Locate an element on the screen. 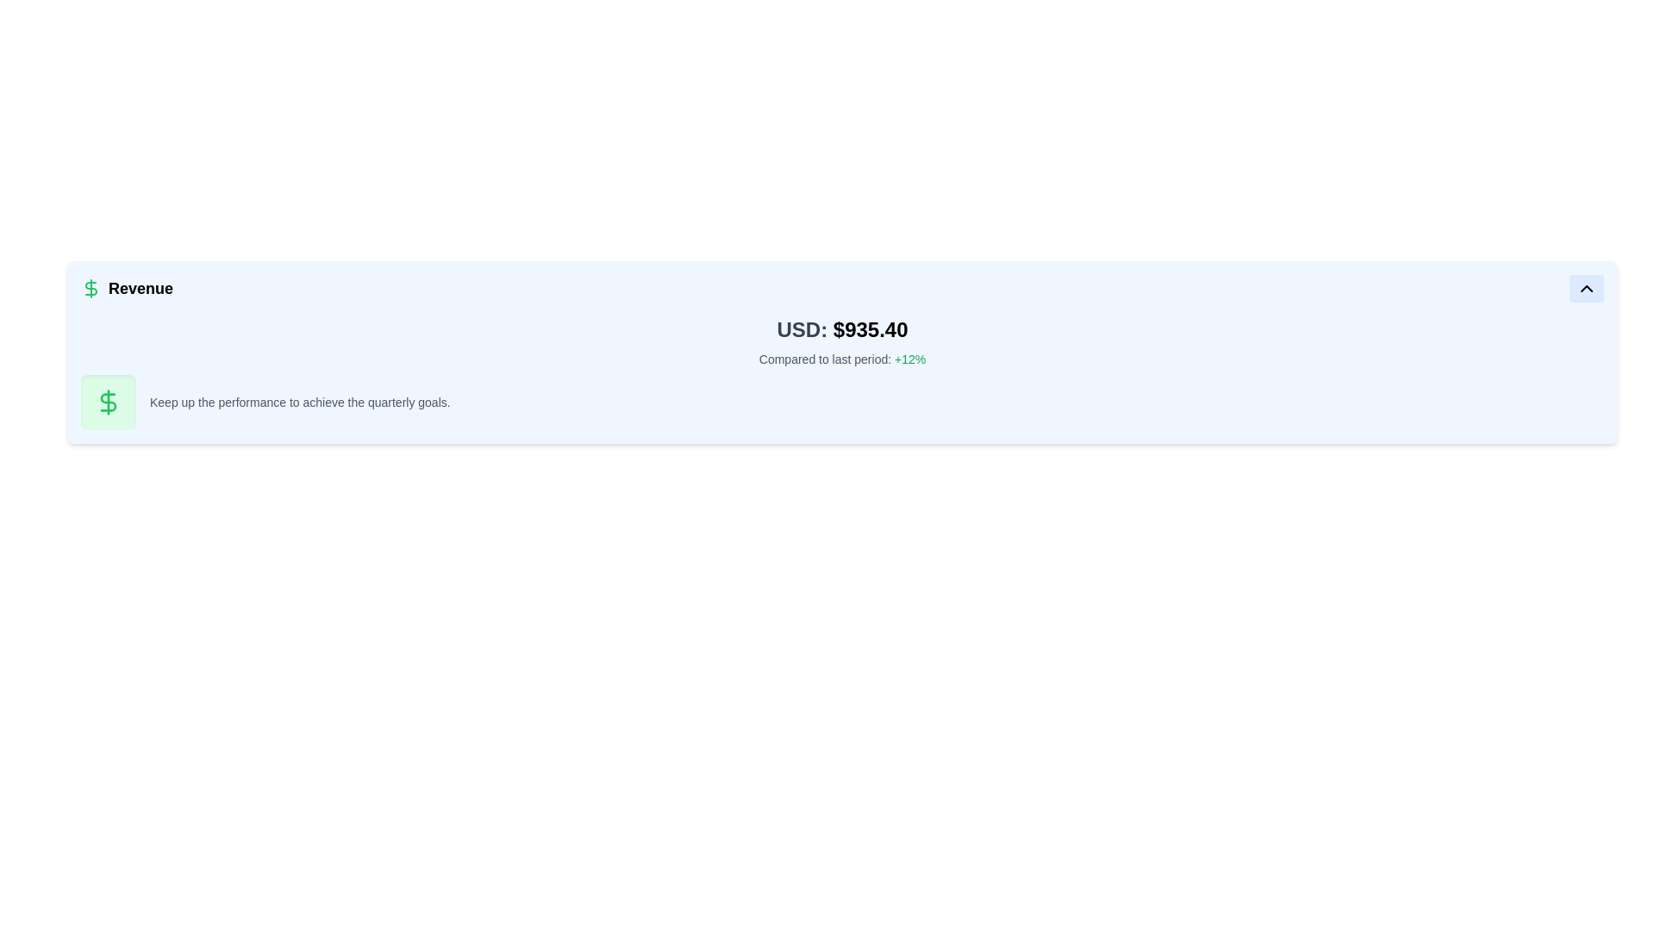 The image size is (1655, 931). the informational text label that provides motivational feedback to users, positioned to the right of a green dollar sign icon in the left-middle section of the interface is located at coordinates (300, 402).